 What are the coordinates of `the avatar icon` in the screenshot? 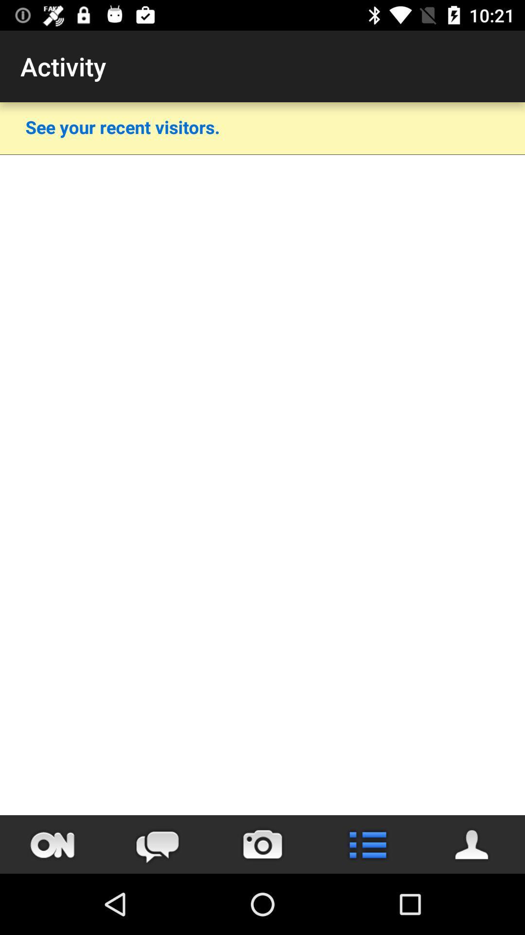 It's located at (472, 844).